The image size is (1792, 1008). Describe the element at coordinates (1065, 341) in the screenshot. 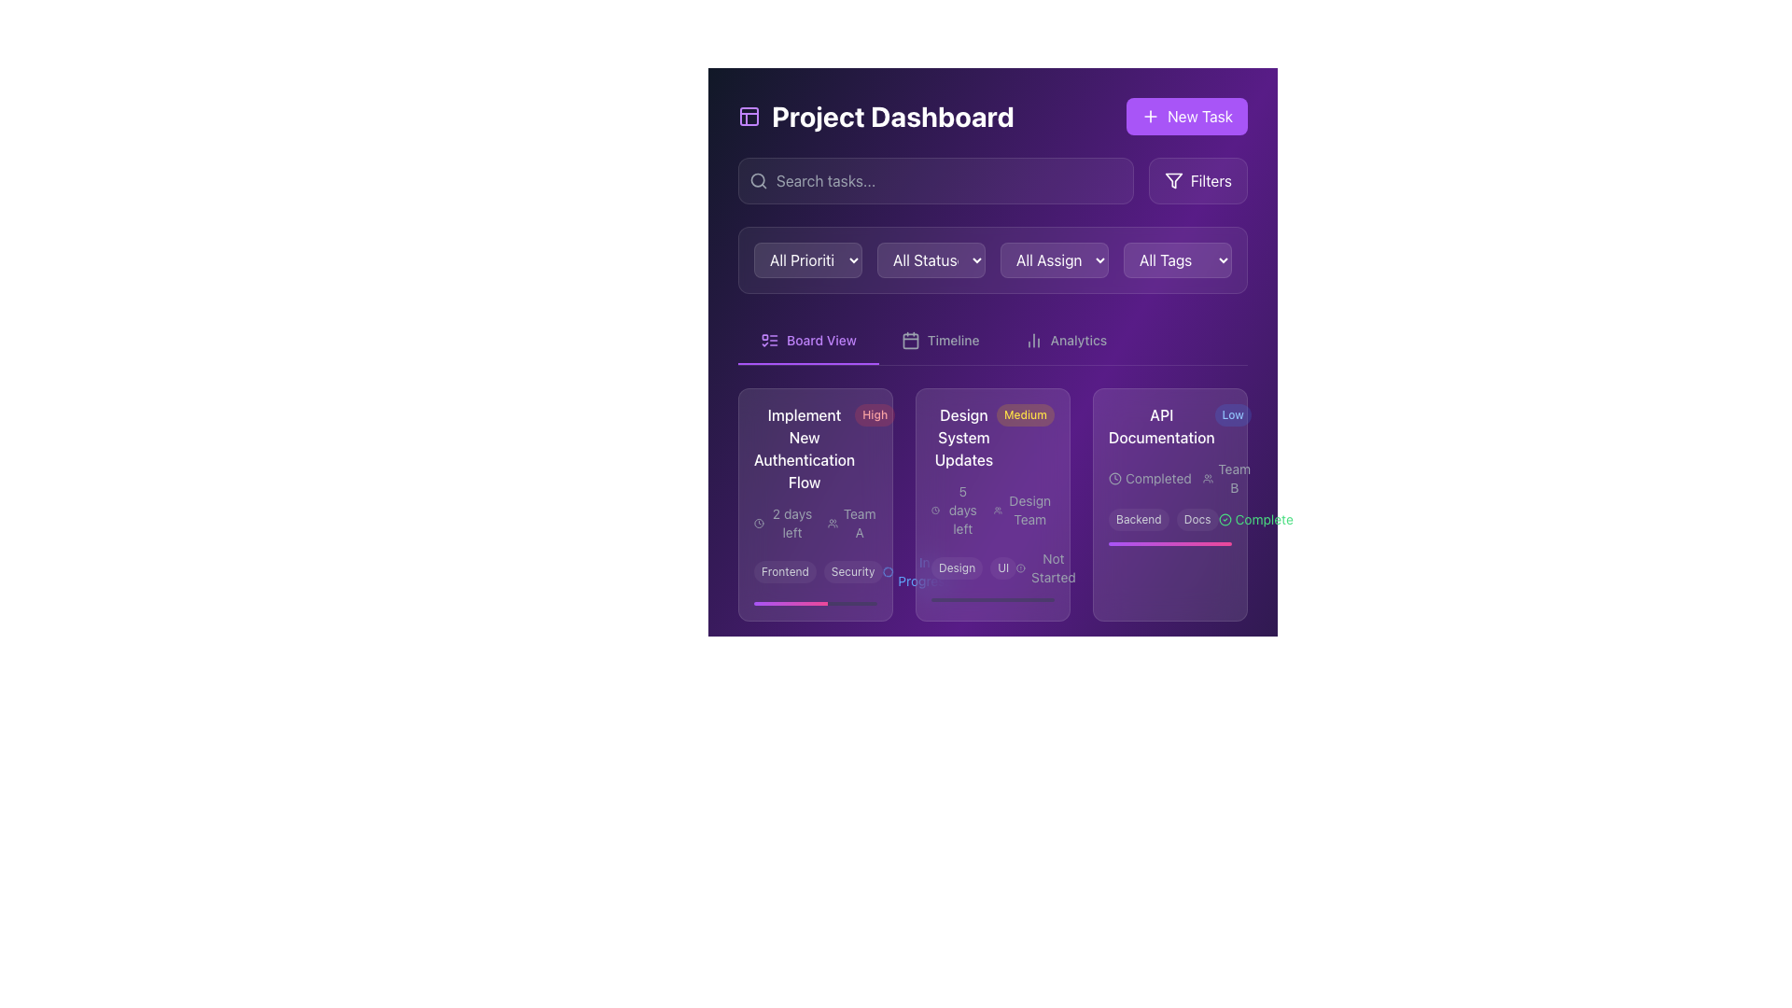

I see `keyboard navigation` at that location.